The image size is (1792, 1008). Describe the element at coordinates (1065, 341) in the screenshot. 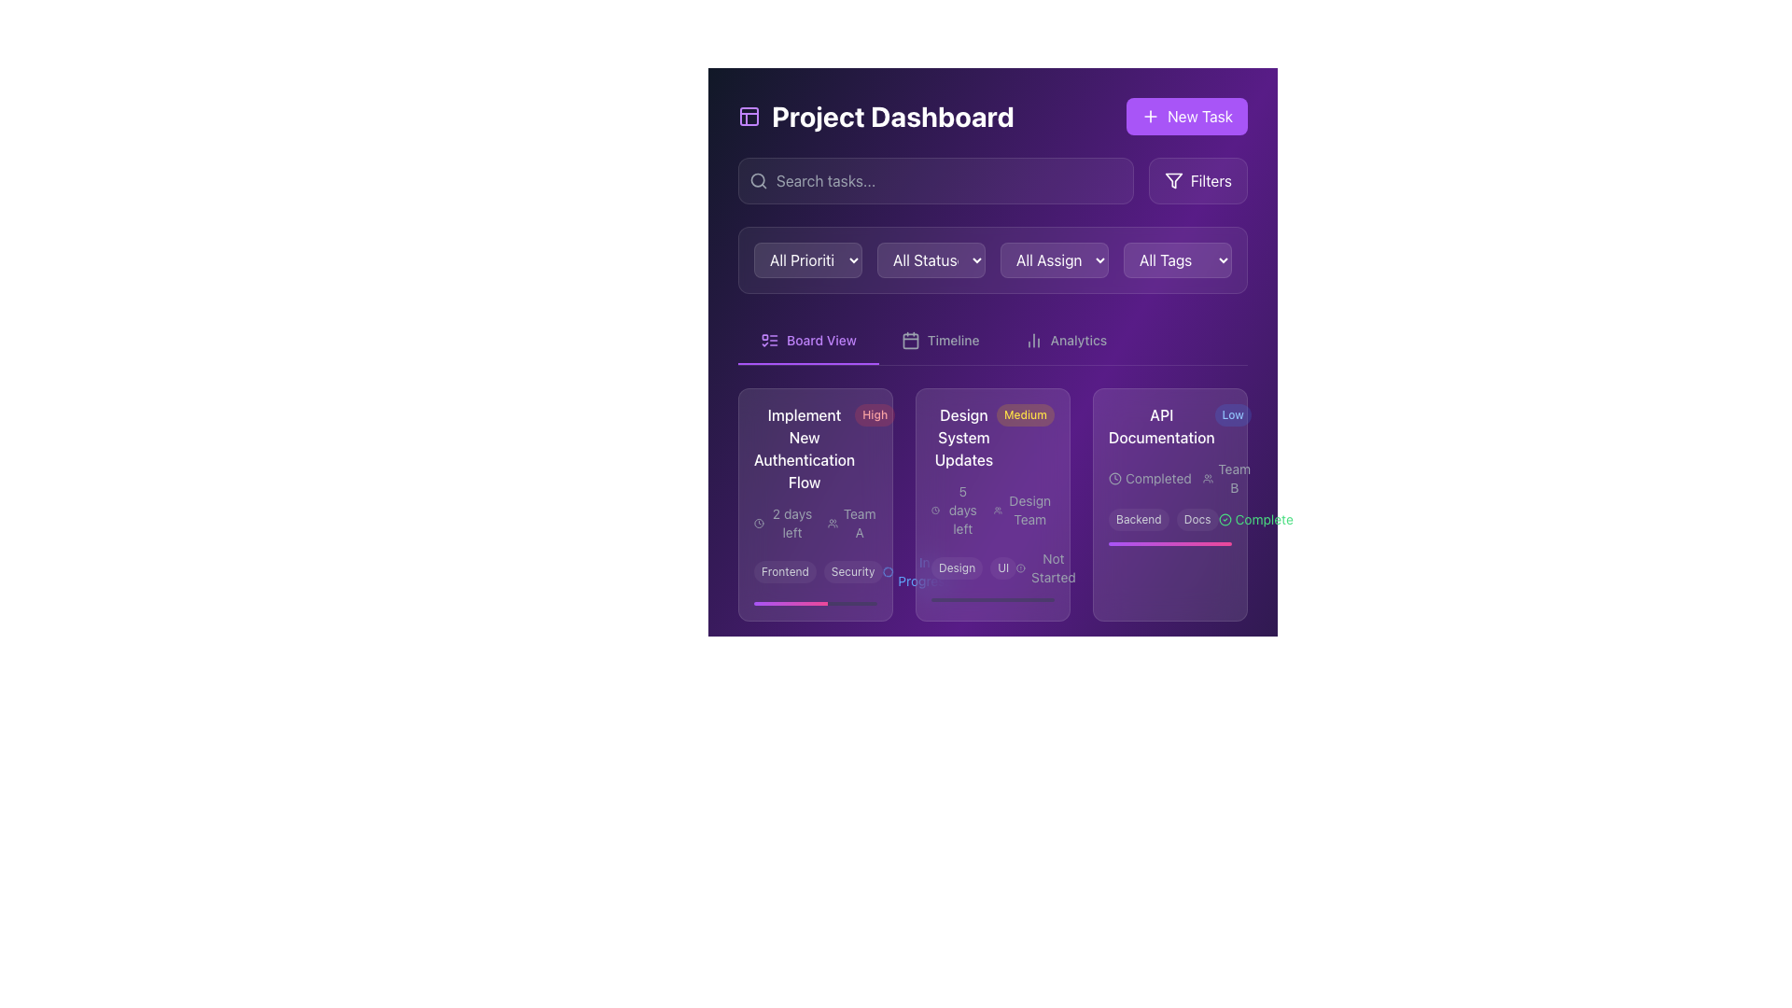

I see `keyboard navigation` at that location.